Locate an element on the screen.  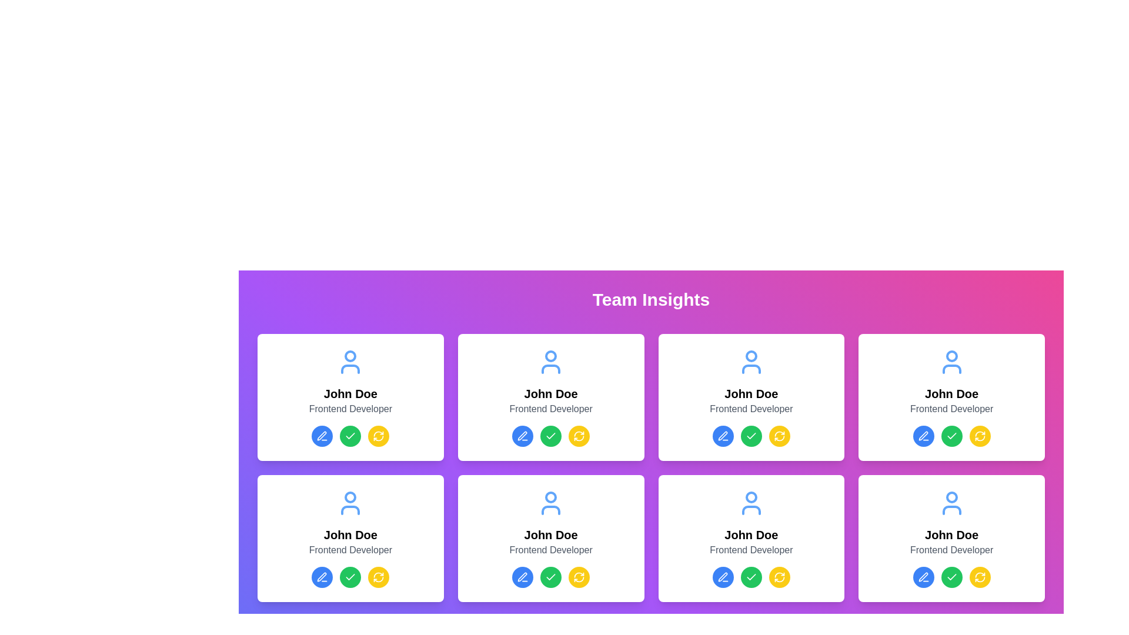
the user profile icon, which is a blue circular head and torso representation located in the top middle card of the grid layout, above the text 'John Doe' and 'Frontend Developer' is located at coordinates (550, 362).